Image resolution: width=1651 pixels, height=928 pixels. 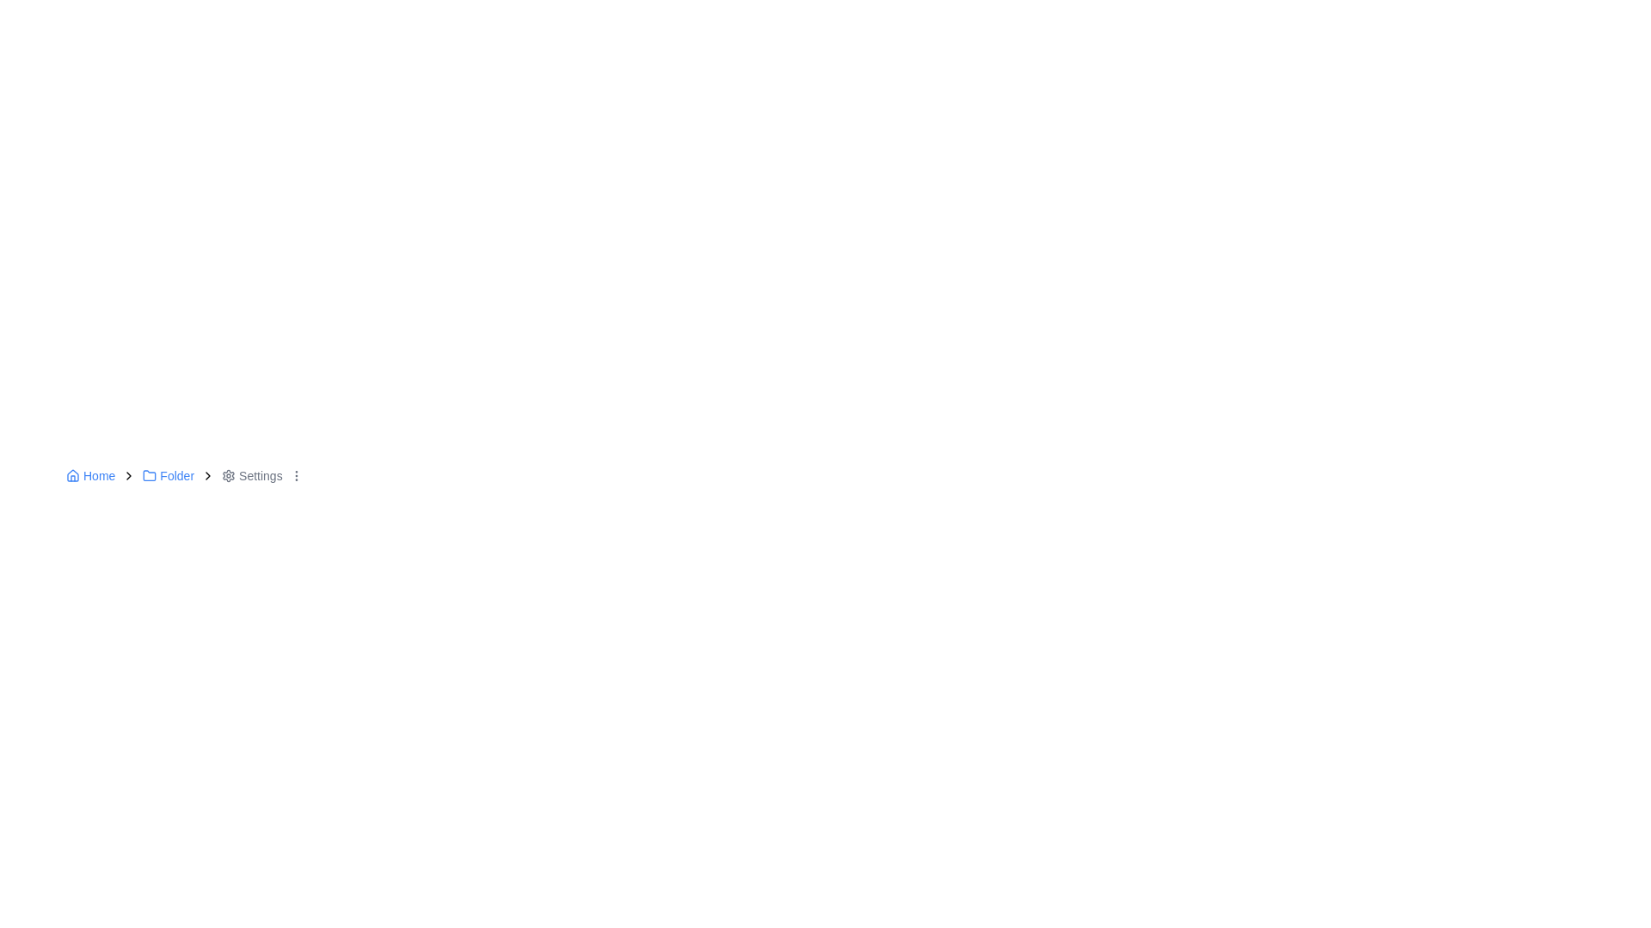 I want to click on the breadcrumb text label with icon, so click(x=251, y=476).